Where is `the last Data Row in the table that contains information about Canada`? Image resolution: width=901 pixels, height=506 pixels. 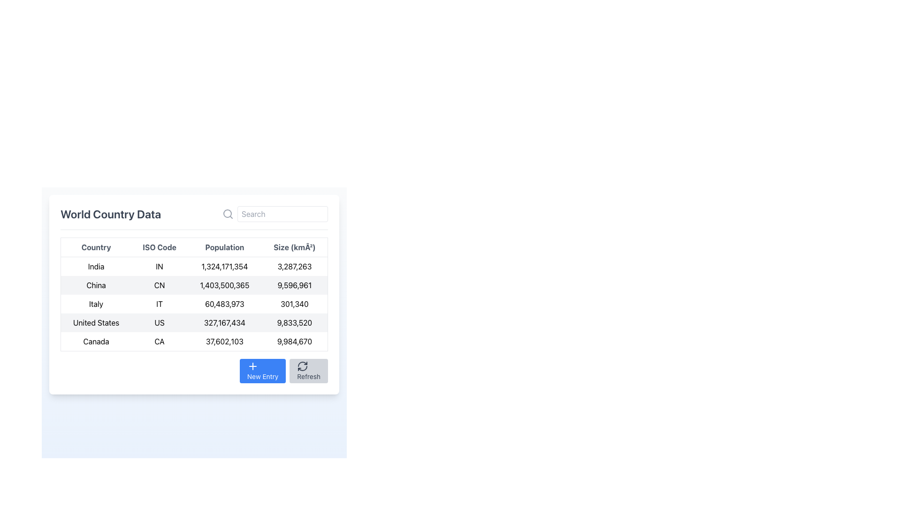
the last Data Row in the table that contains information about Canada is located at coordinates (193, 342).